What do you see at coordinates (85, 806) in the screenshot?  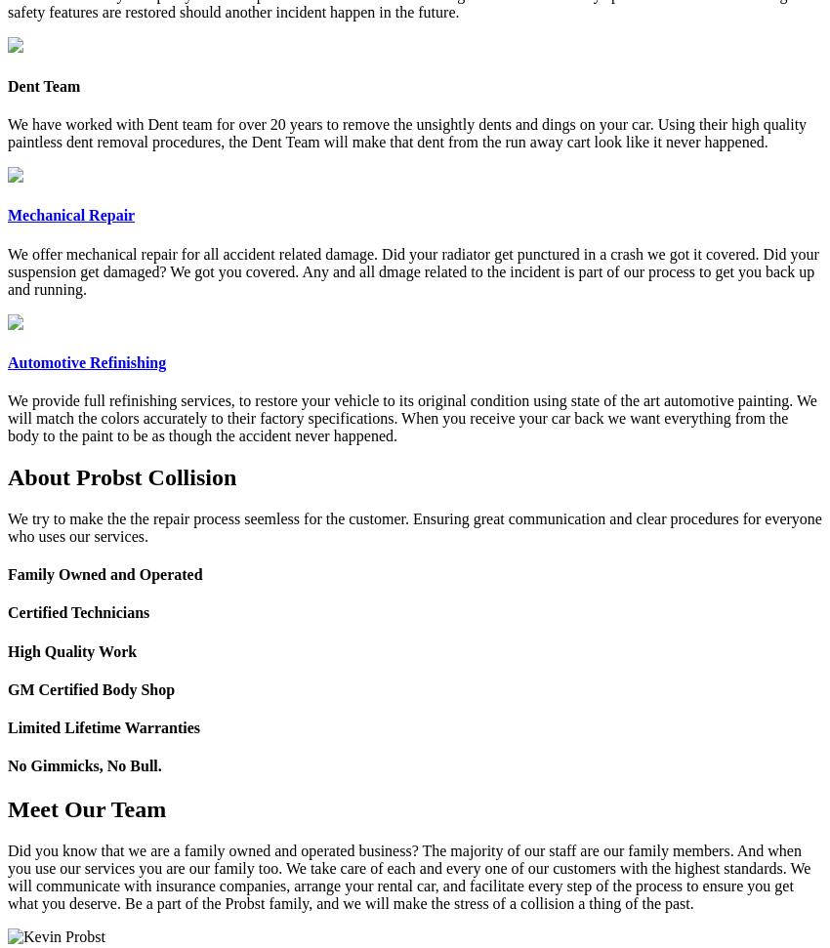 I see `'Meet Our Team'` at bounding box center [85, 806].